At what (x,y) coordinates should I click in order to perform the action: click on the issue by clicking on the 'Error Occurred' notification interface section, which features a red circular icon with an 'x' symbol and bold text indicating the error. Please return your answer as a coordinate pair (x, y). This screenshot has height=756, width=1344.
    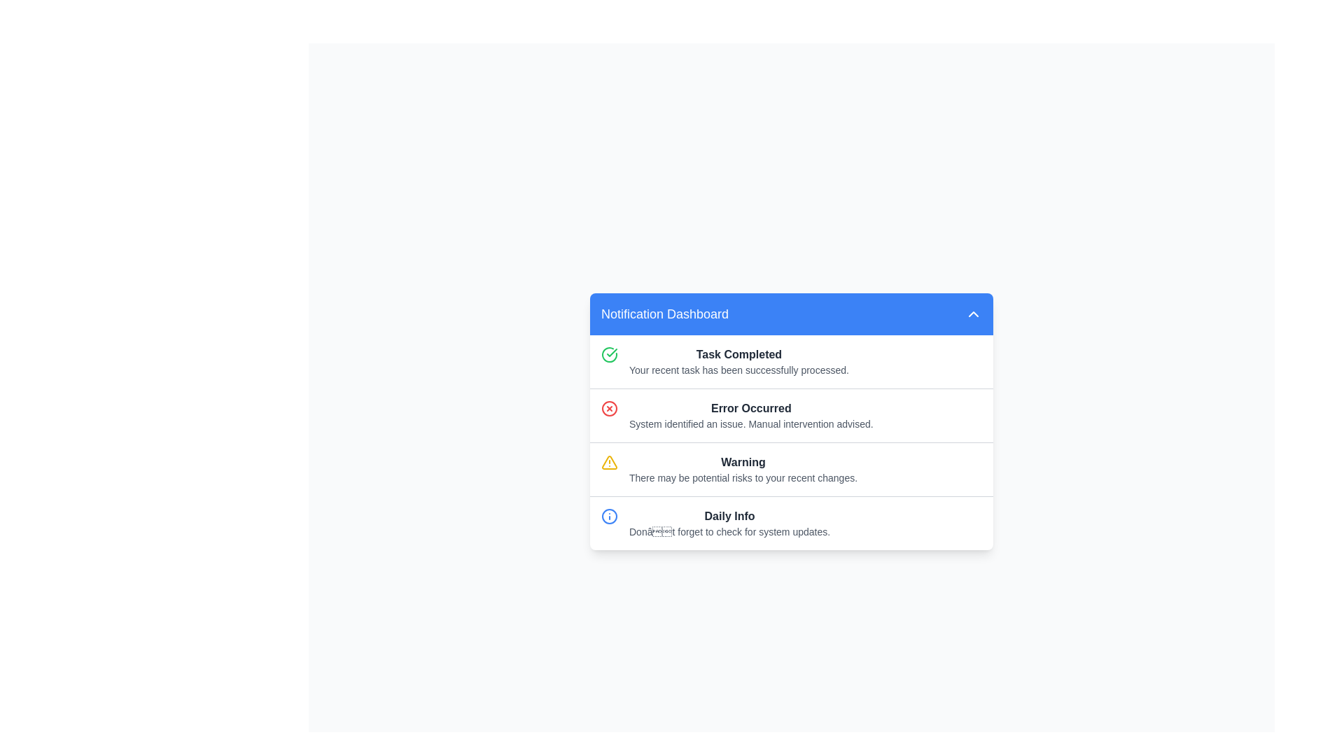
    Looking at the image, I should click on (792, 414).